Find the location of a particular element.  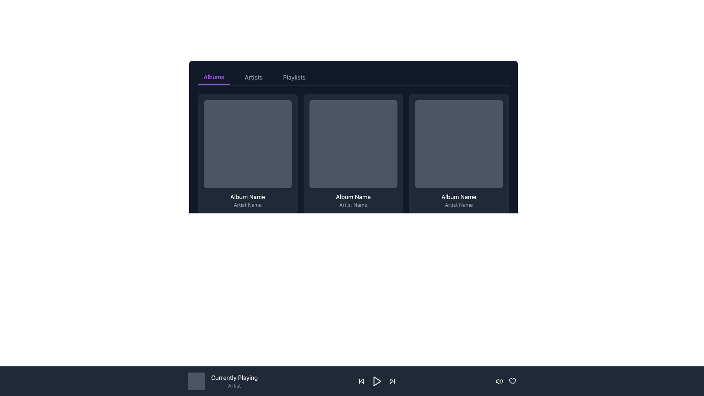

the skip-forward button, which is a forward-facing triangular arrow icon located at the far right of the music control bar is located at coordinates (392, 381).